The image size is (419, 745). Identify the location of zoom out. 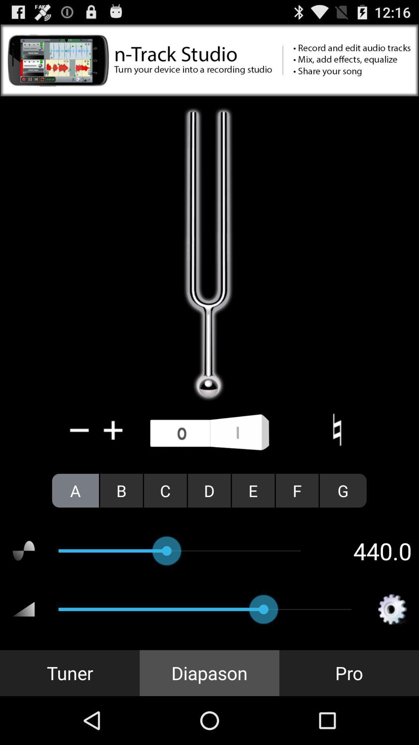
(80, 430).